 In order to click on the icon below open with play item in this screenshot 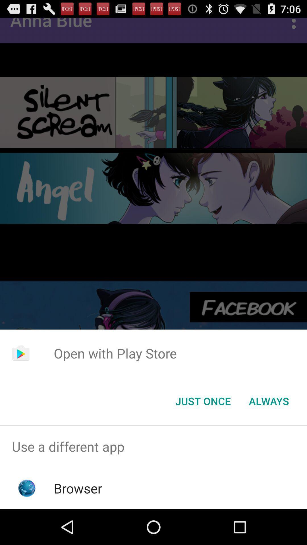, I will do `click(203, 401)`.